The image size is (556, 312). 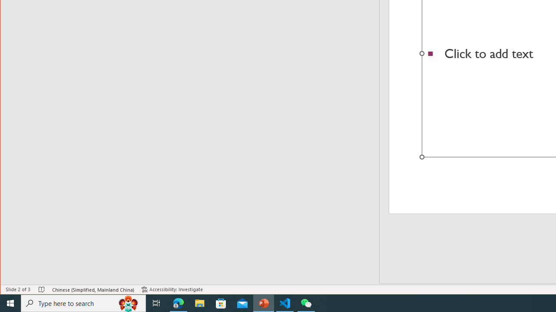 What do you see at coordinates (263, 302) in the screenshot?
I see `'PowerPoint - 1 running window'` at bounding box center [263, 302].